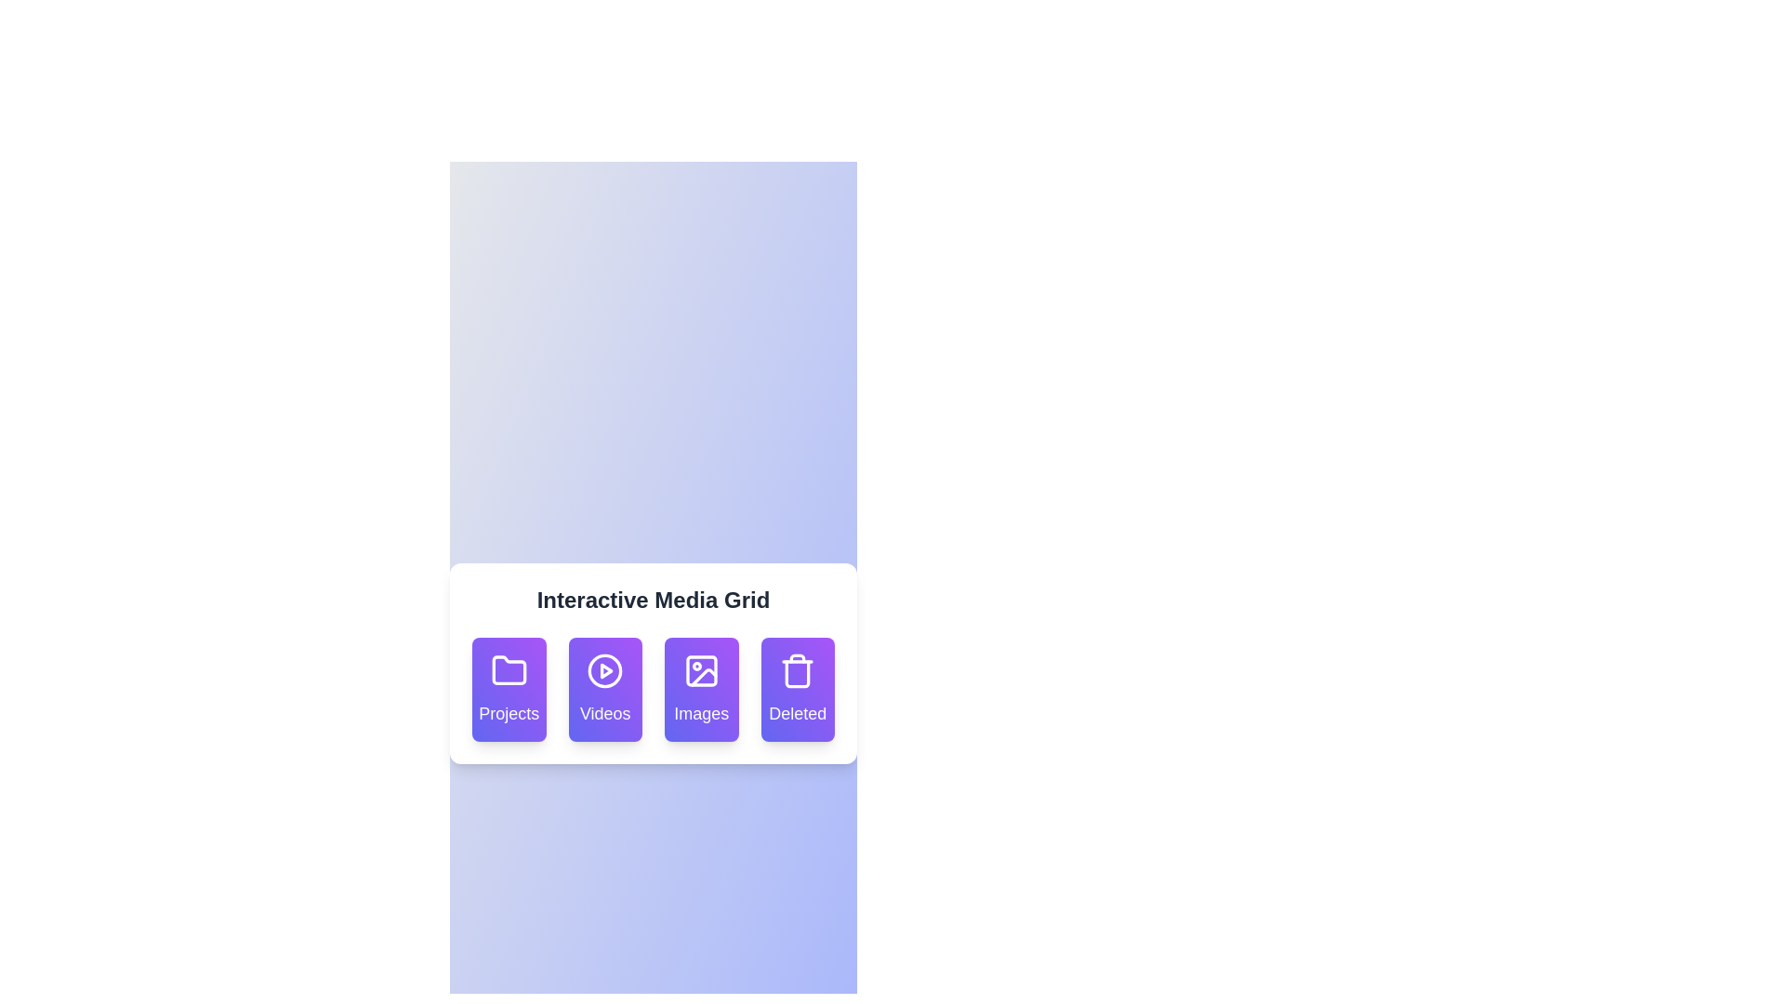 Image resolution: width=1785 pixels, height=1004 pixels. What do you see at coordinates (653, 662) in the screenshot?
I see `the button in the central navigational panel` at bounding box center [653, 662].